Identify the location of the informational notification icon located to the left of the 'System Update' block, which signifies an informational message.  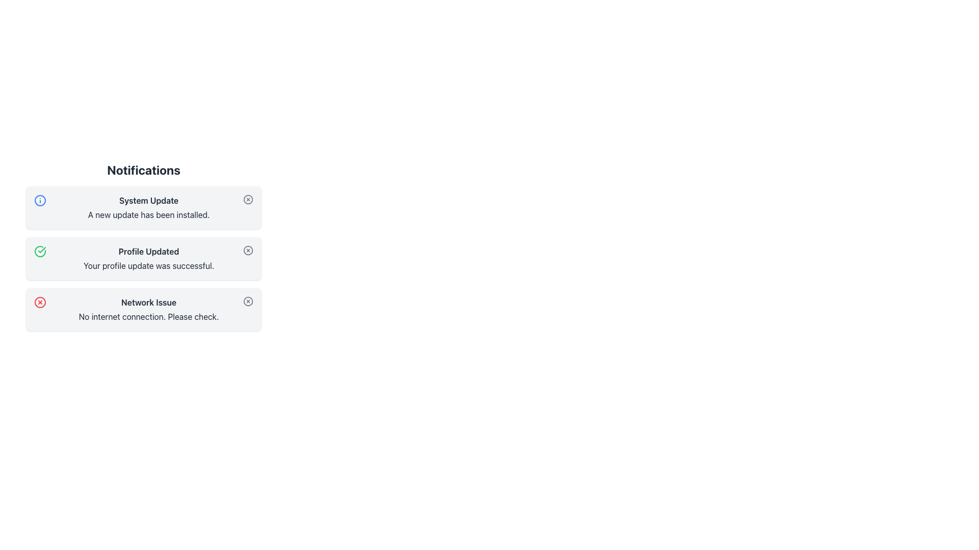
(40, 200).